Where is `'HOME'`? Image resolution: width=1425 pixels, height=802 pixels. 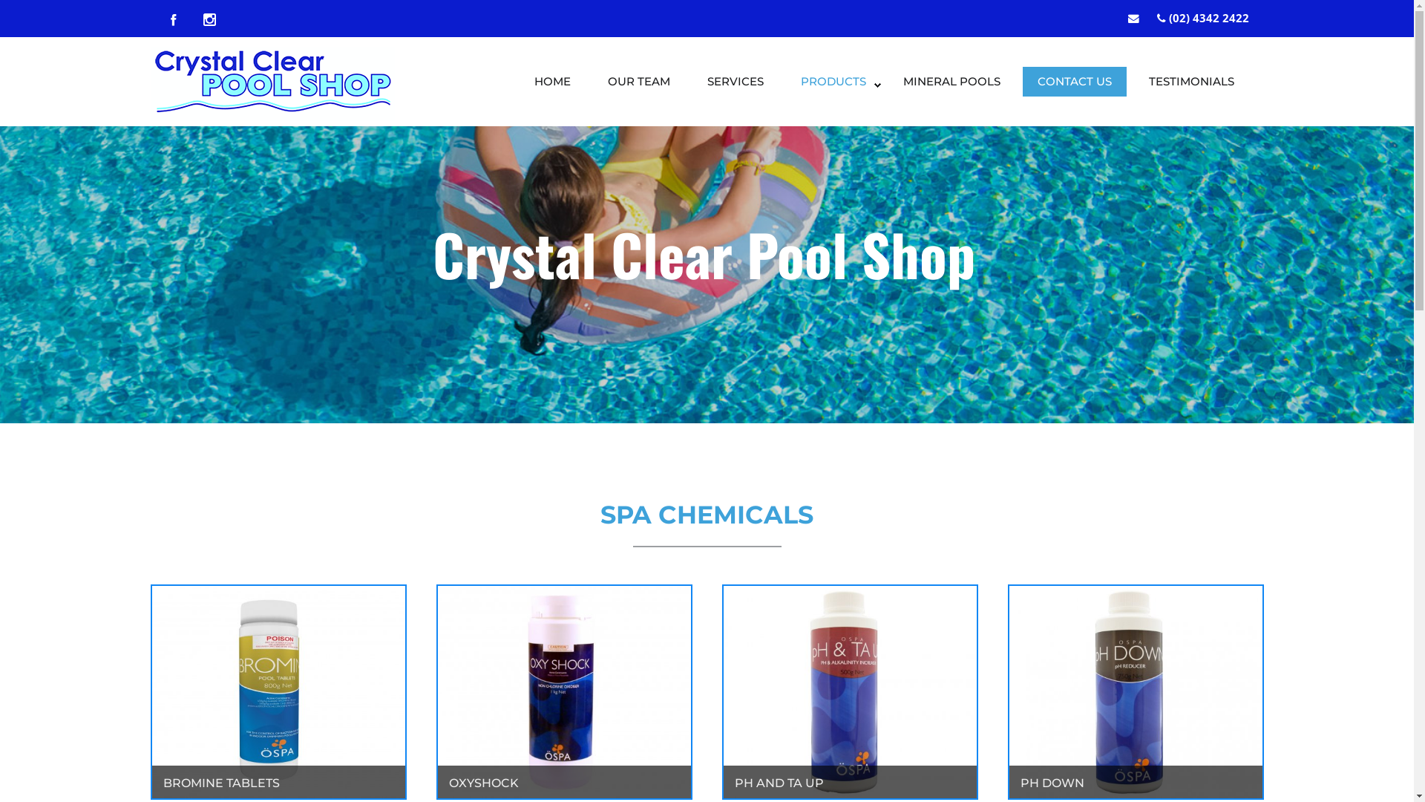
'HOME' is located at coordinates (551, 85).